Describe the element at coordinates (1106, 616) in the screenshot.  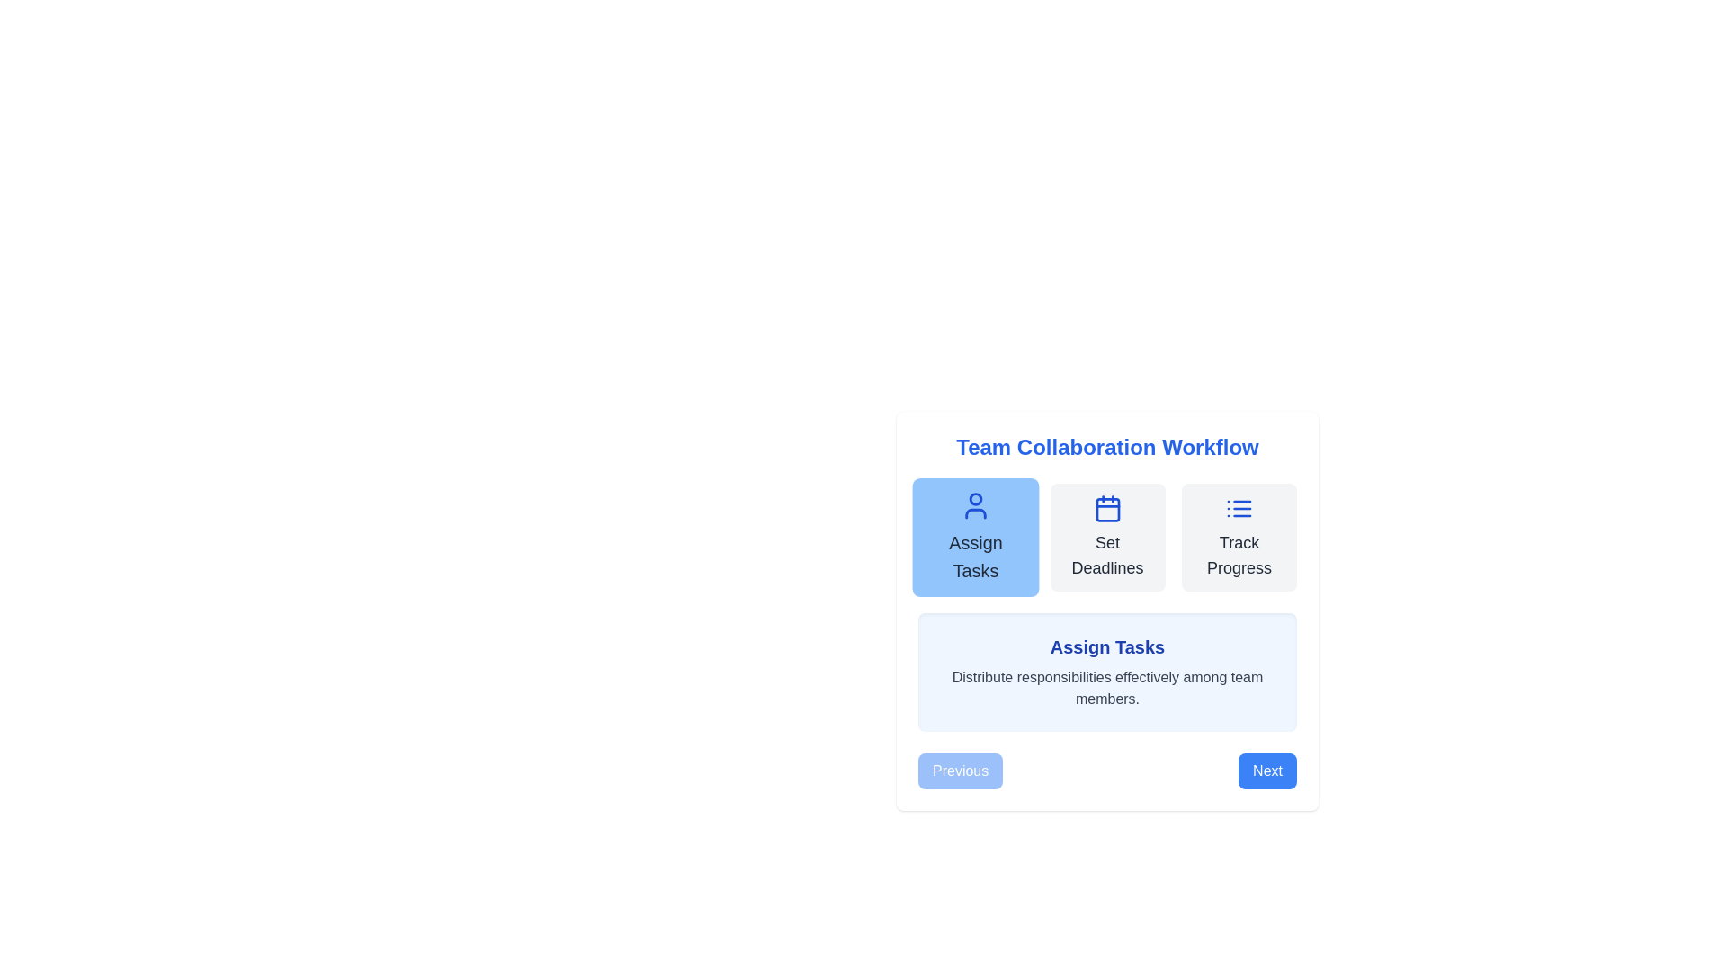
I see `the button labeled 'Previous' on the modal 'Team Collaboration Workflow'` at that location.